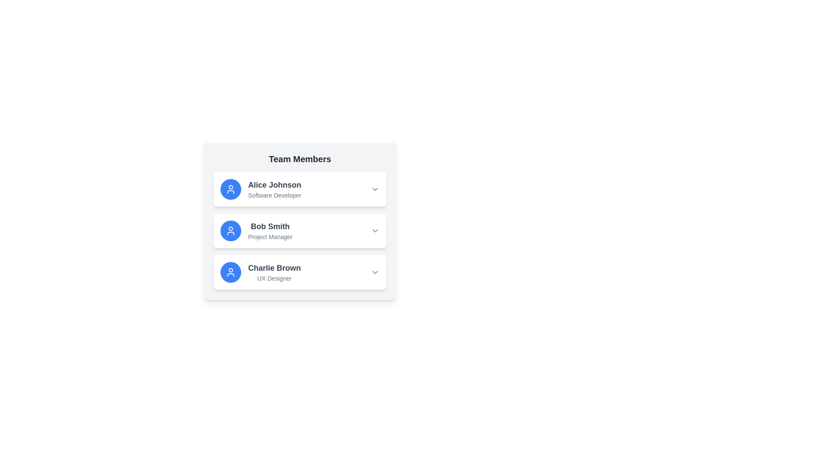 This screenshot has width=830, height=467. What do you see at coordinates (230, 230) in the screenshot?
I see `the circular icon with a vibrant blue background and a white outline of a user symbol, located to the left of 'Bob Smith' and 'Project Manager'` at bounding box center [230, 230].